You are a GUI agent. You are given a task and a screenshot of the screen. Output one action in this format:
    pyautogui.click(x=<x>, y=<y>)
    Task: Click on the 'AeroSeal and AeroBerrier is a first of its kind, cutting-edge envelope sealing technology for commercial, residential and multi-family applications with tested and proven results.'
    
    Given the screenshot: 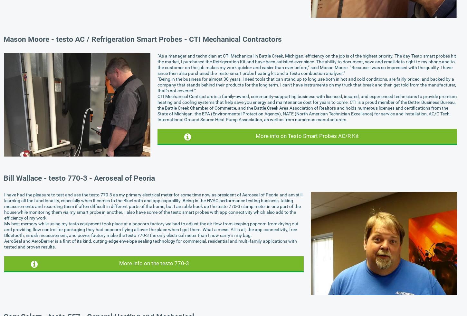 What is the action you would take?
    pyautogui.click(x=150, y=243)
    